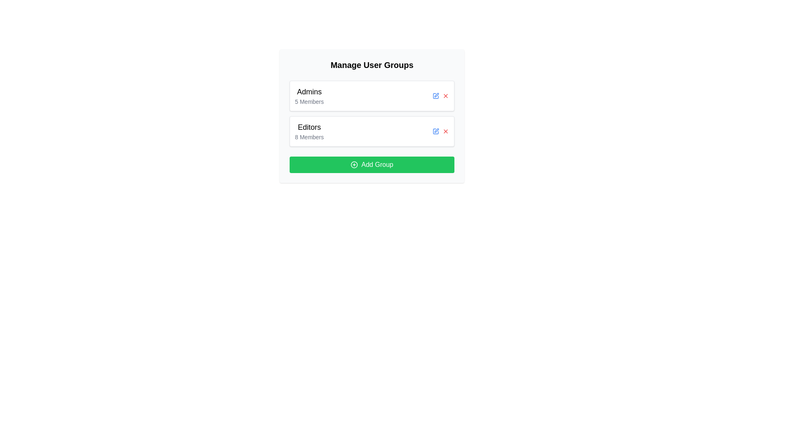 This screenshot has width=791, height=445. Describe the element at coordinates (445, 95) in the screenshot. I see `the red 'X' button` at that location.